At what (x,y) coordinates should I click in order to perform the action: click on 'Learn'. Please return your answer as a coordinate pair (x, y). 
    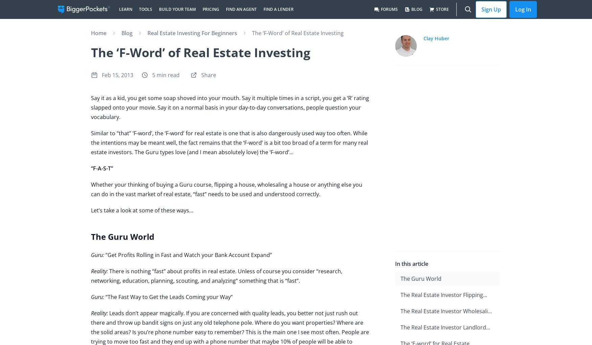
    Looking at the image, I should click on (119, 9).